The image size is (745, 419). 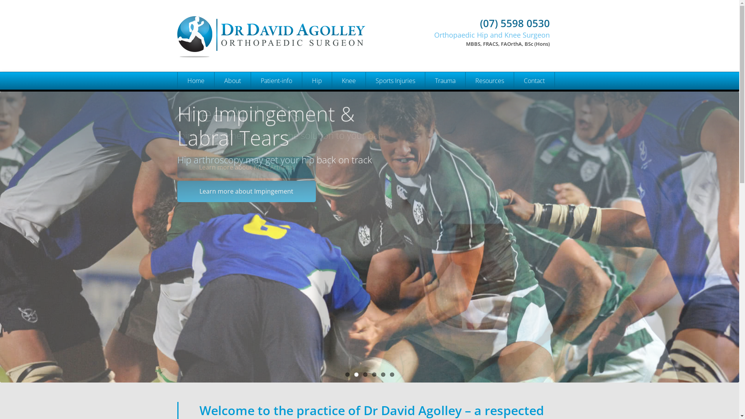 What do you see at coordinates (514, 81) in the screenshot?
I see `'Contact'` at bounding box center [514, 81].